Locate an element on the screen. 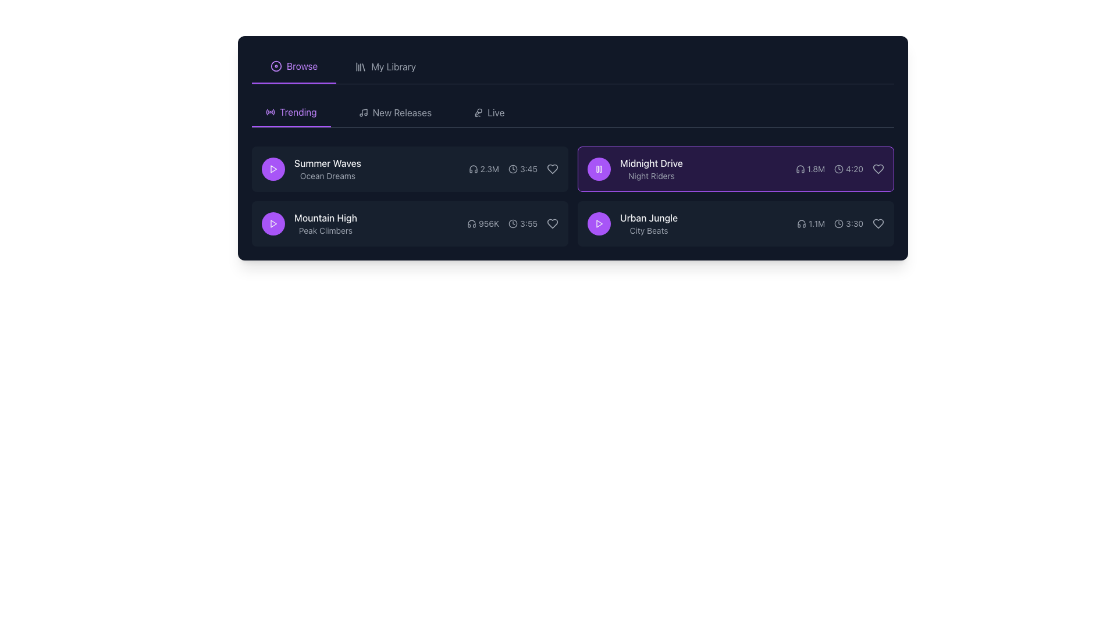  the headphones icon located before the text '956K' in the 'Mountain High' track details row of the 'Trending' section is located at coordinates (472, 224).